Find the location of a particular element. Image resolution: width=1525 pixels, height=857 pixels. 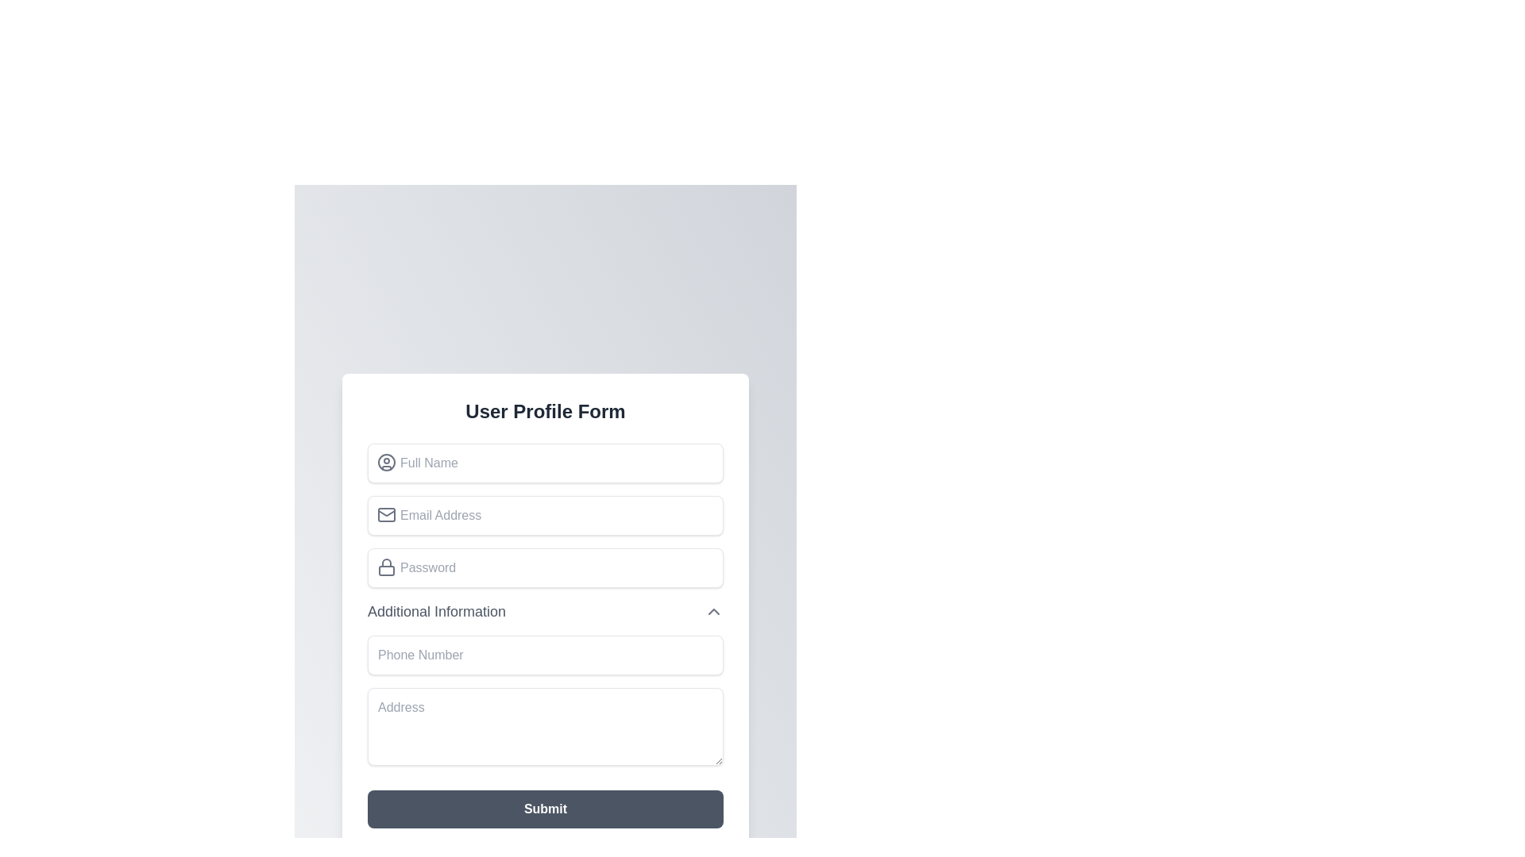

the icon representing the user at the top-left corner of the Full Name input field area is located at coordinates (386, 462).